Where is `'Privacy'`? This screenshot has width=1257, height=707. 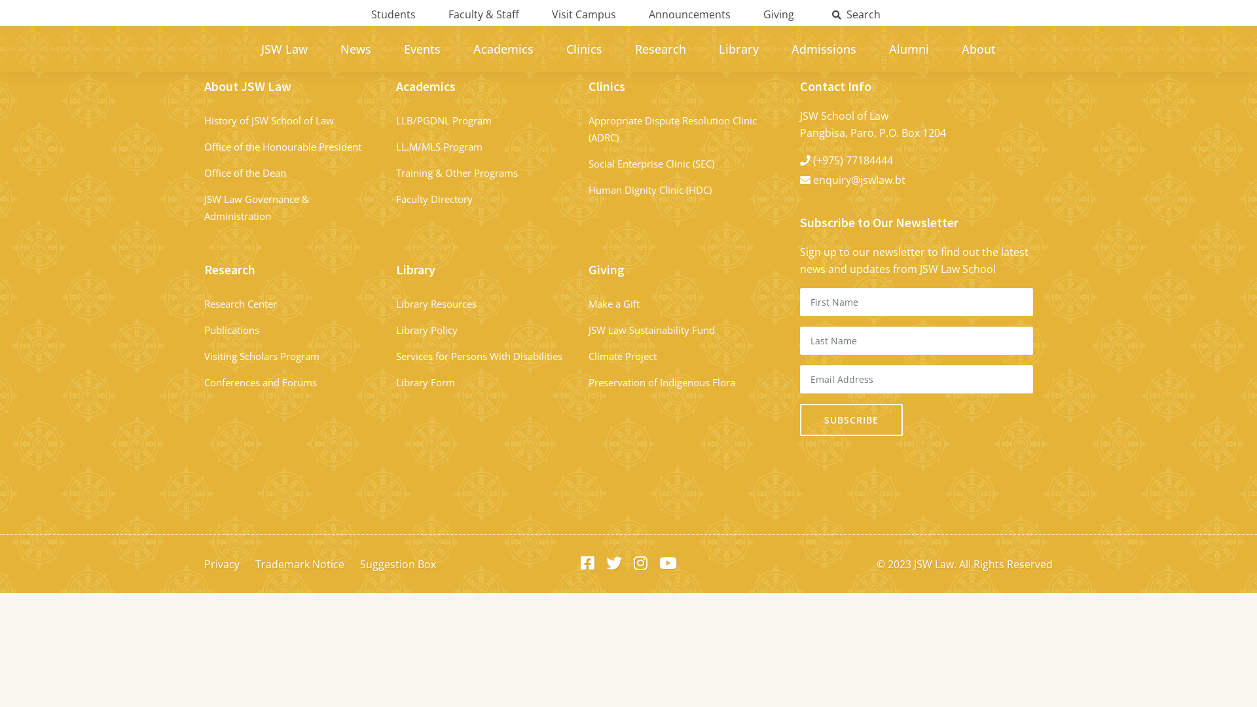
'Privacy' is located at coordinates (222, 562).